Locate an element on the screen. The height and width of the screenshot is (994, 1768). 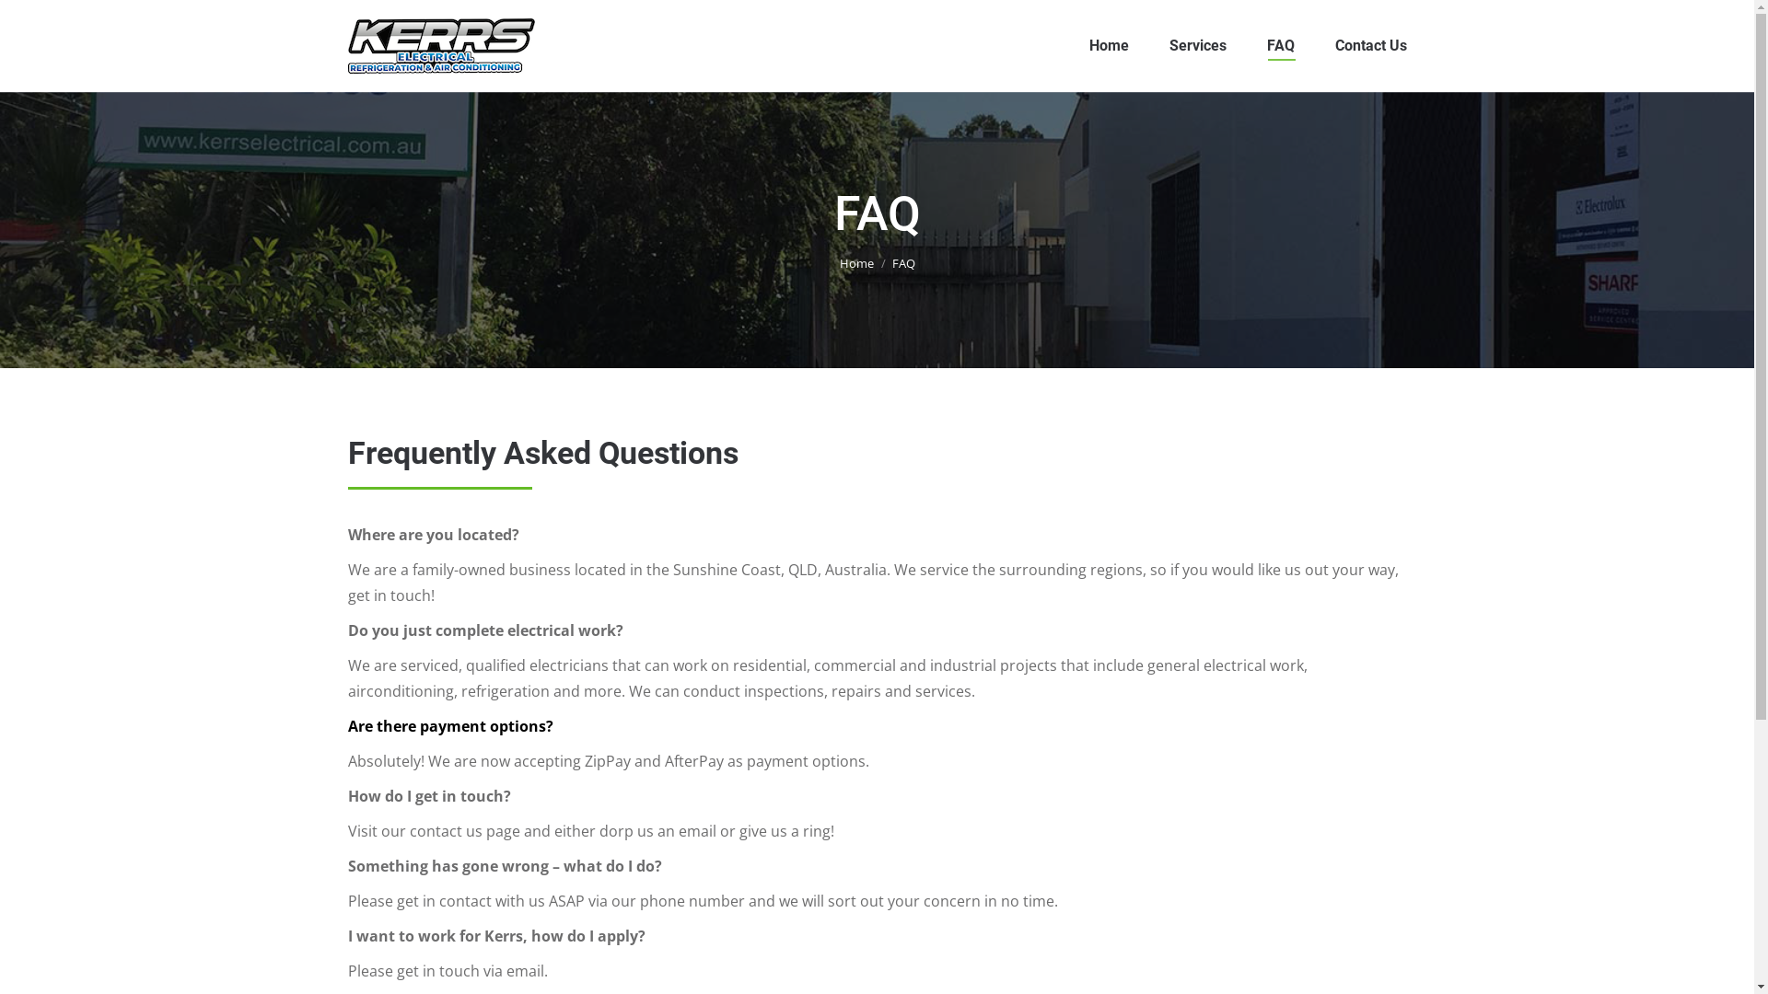
'Contact Us' is located at coordinates (1334, 45).